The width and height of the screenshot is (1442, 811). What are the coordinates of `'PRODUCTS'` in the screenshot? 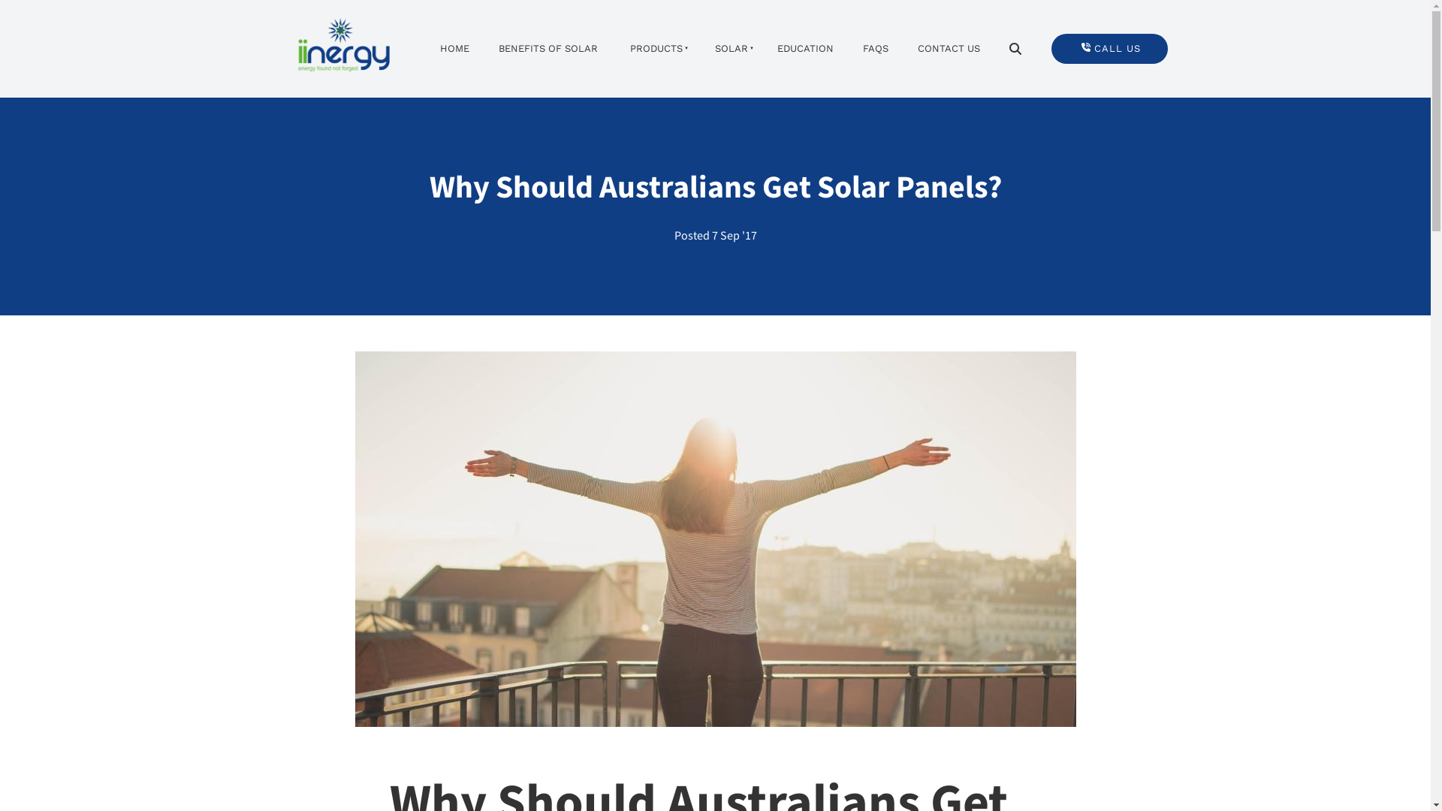 It's located at (655, 48).